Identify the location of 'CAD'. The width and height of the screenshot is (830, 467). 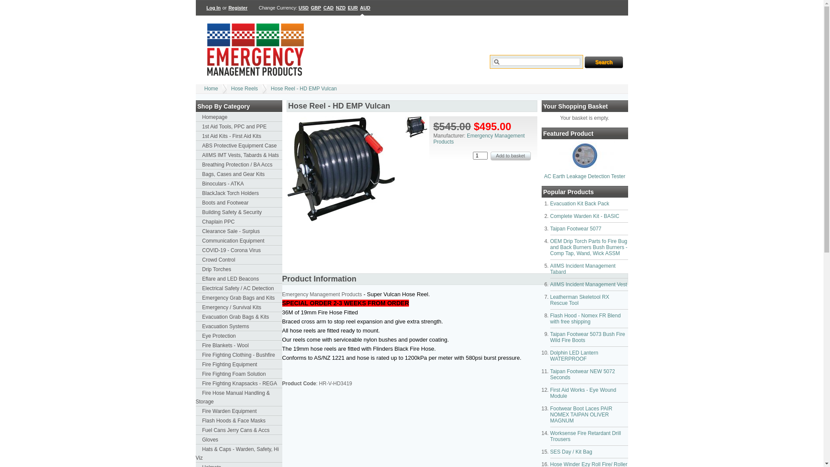
(328, 8).